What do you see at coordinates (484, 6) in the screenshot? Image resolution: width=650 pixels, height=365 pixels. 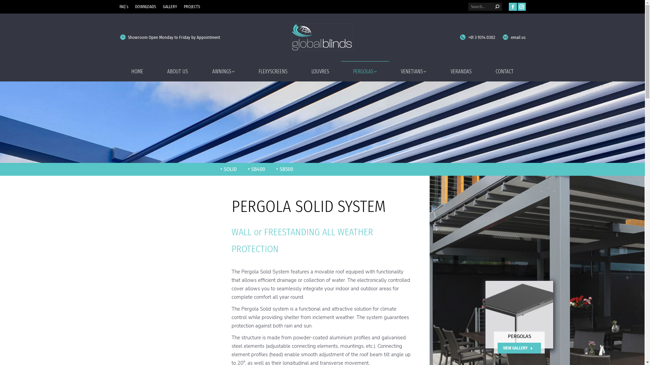 I see `'Search form'` at bounding box center [484, 6].